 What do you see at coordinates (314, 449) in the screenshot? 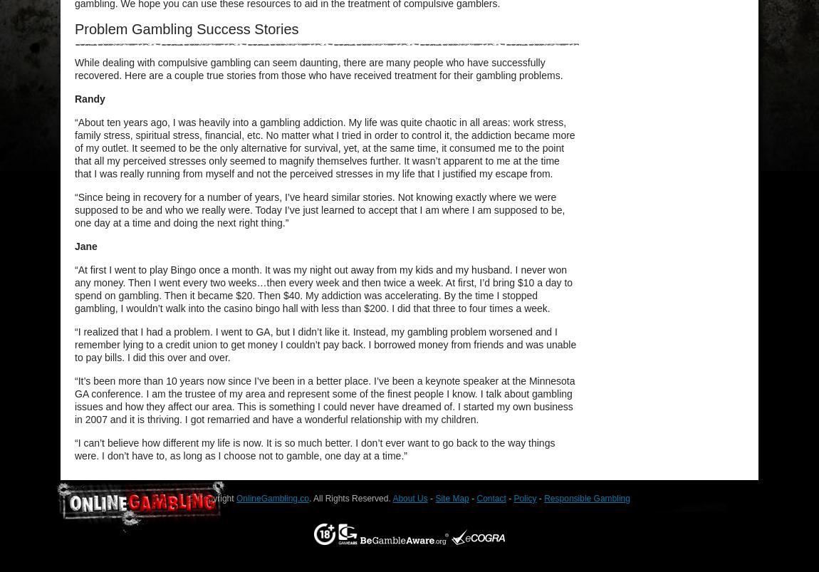
I see `'“I can’t believe how different my life is now. It is so much better. I don’t ever want to go back to the way things were. I don’t have to, as long as I choose not to gamble, one day at a time.”'` at bounding box center [314, 449].